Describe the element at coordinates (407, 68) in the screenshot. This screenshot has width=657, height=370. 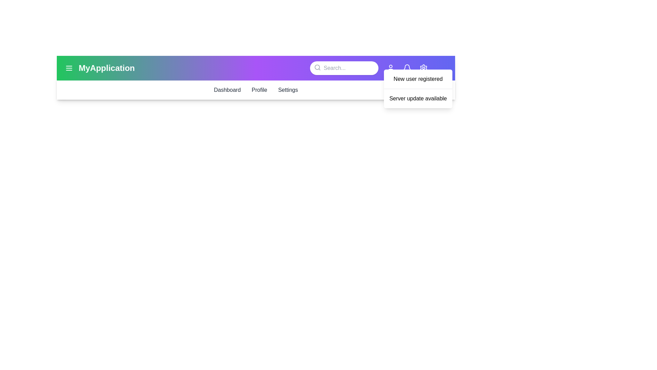
I see `the bell icon to toggle the notifications state` at that location.